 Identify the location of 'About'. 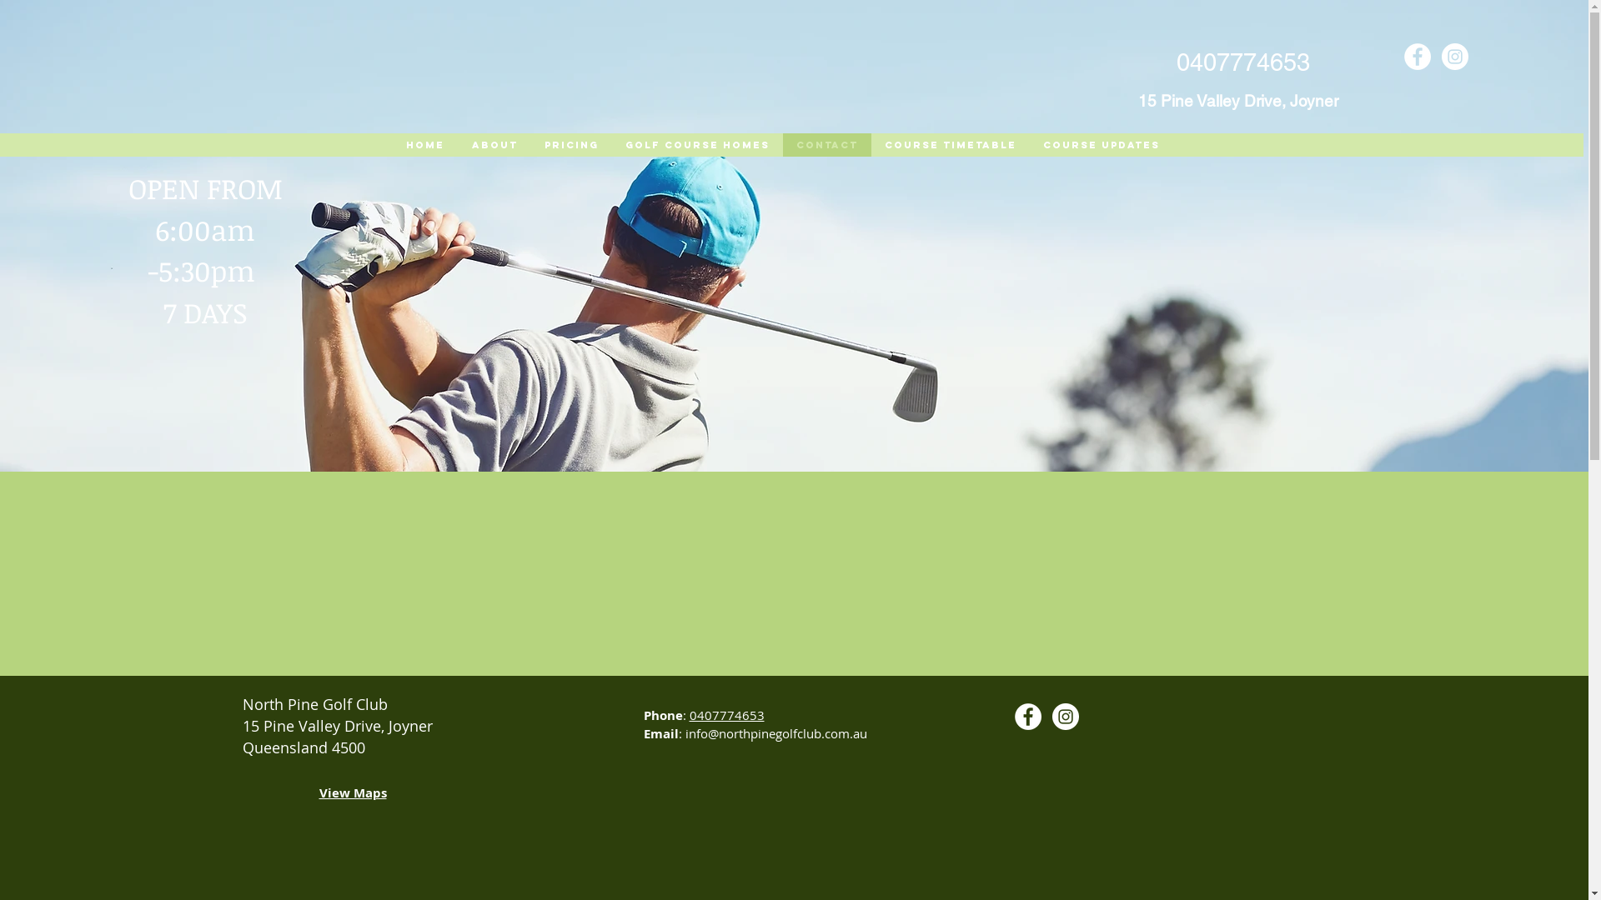
(492, 143).